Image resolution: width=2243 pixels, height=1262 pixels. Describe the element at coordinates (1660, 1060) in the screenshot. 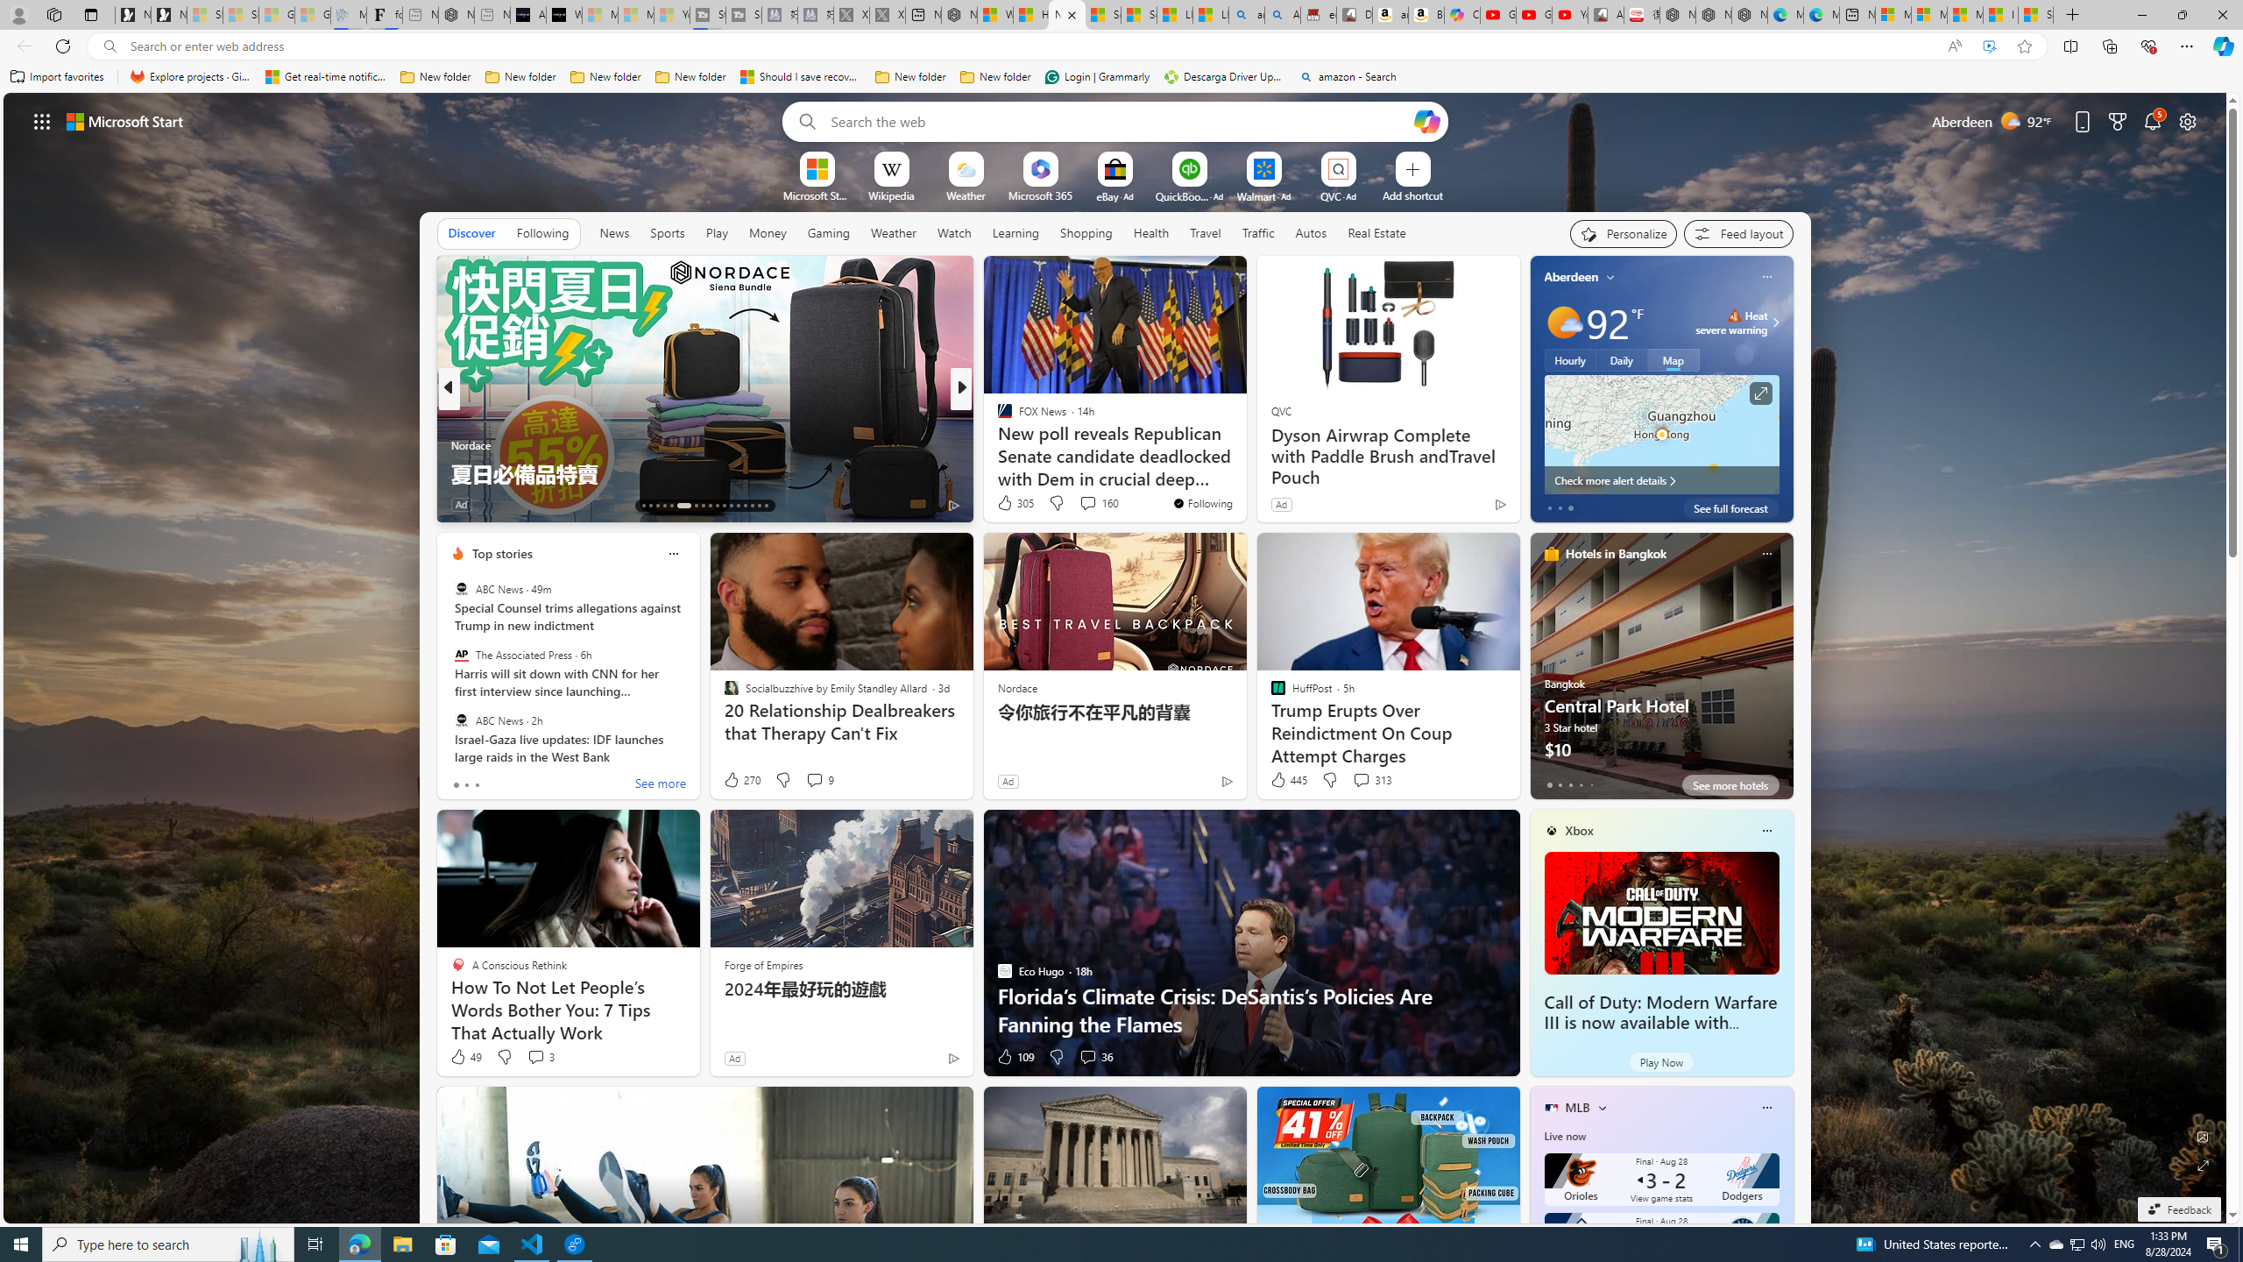

I see `'Play Now'` at that location.